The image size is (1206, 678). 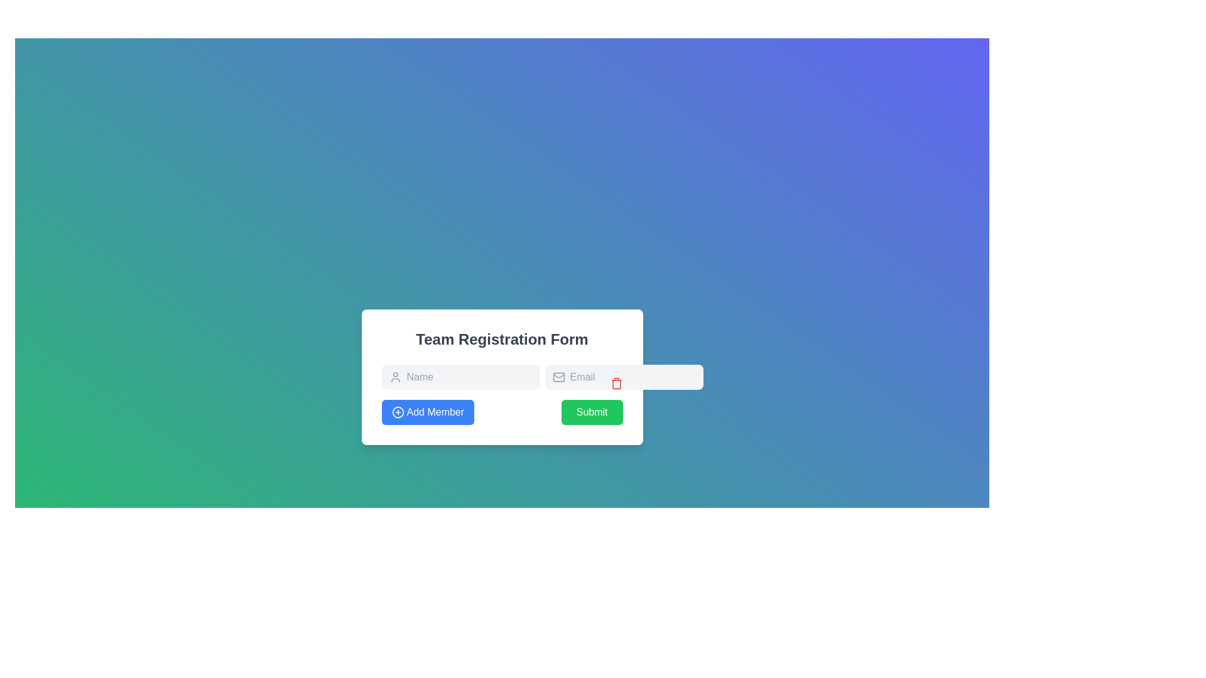 What do you see at coordinates (616, 384) in the screenshot?
I see `the body of the trash icon graphic, which is the second part of the group representing the delete action` at bounding box center [616, 384].